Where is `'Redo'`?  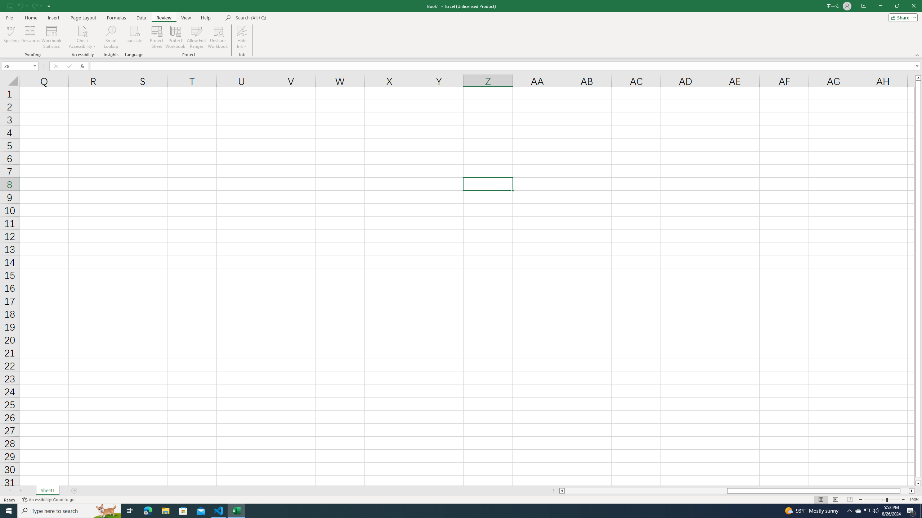
'Redo' is located at coordinates (33, 5).